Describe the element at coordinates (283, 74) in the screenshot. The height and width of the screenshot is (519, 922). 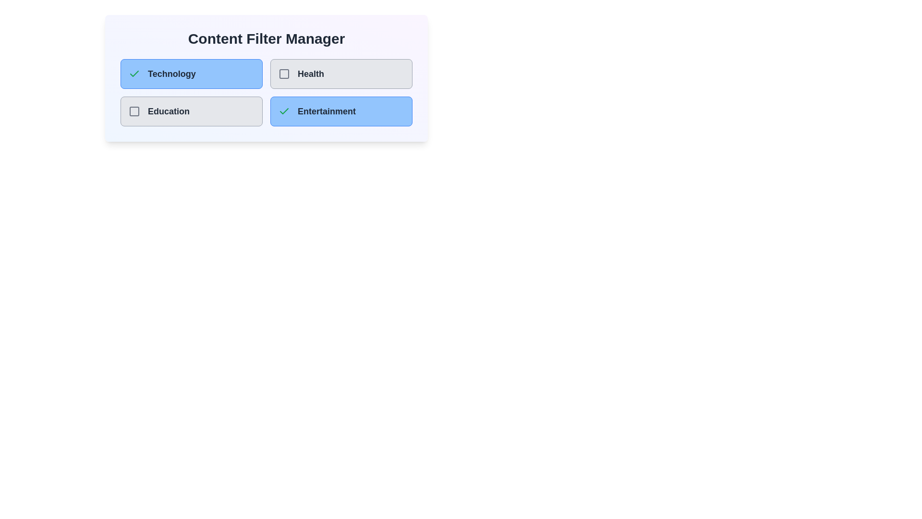
I see `the category Health` at that location.